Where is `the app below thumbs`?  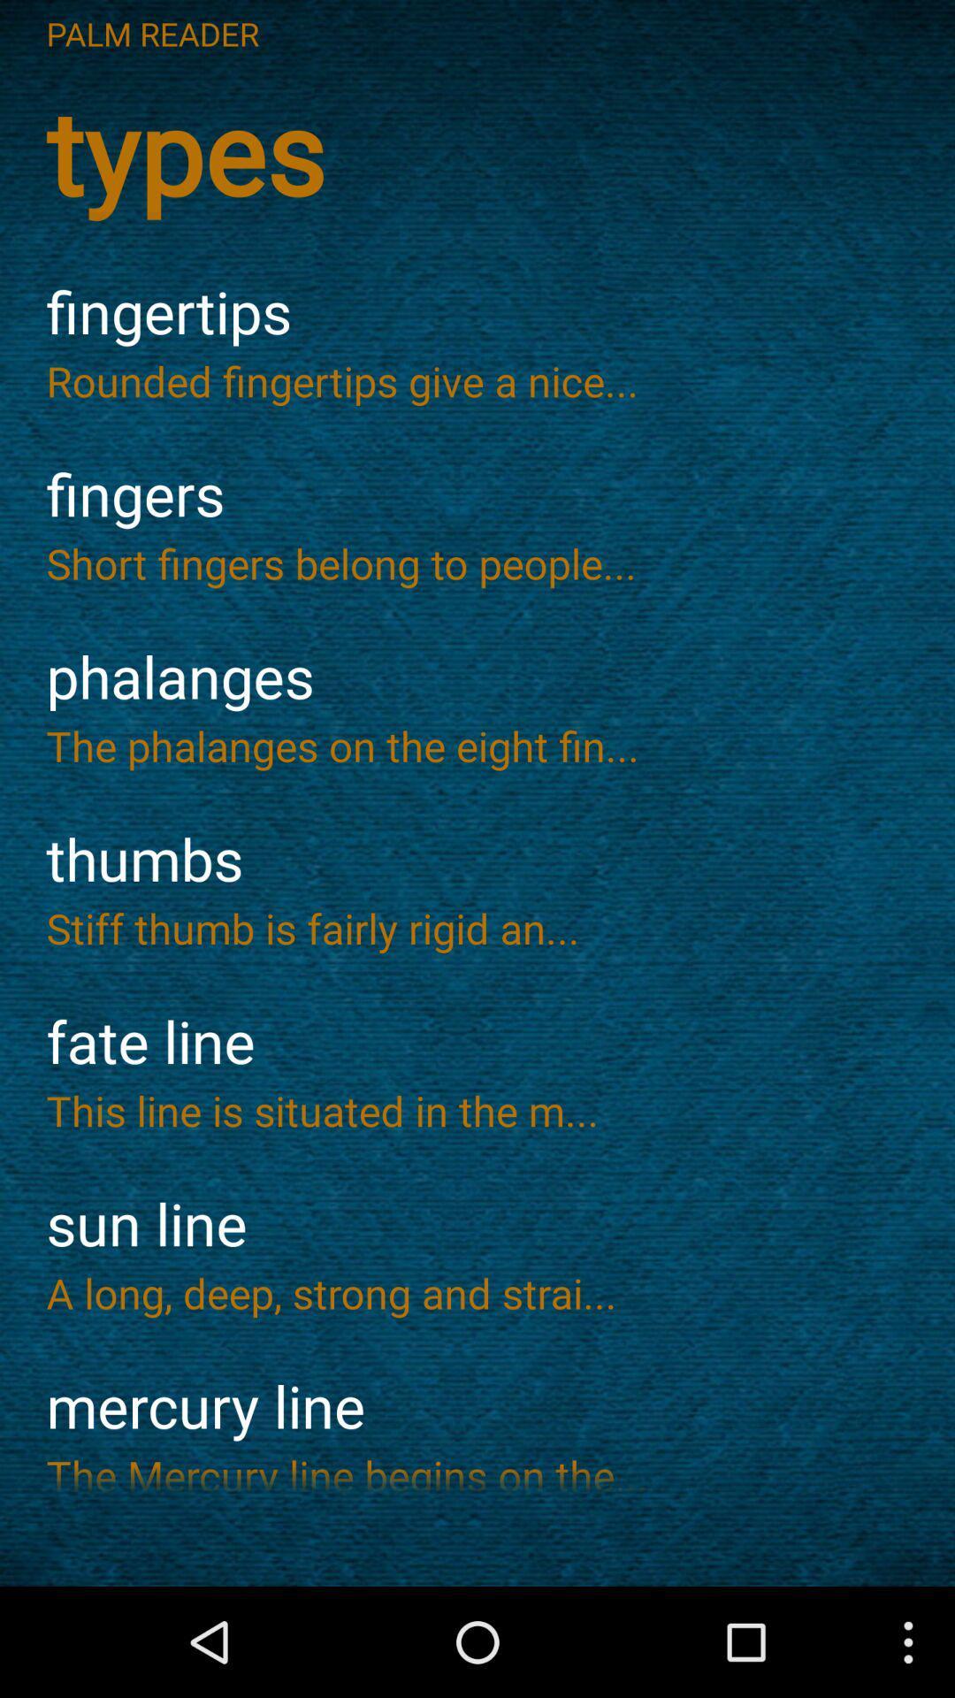
the app below thumbs is located at coordinates (477, 927).